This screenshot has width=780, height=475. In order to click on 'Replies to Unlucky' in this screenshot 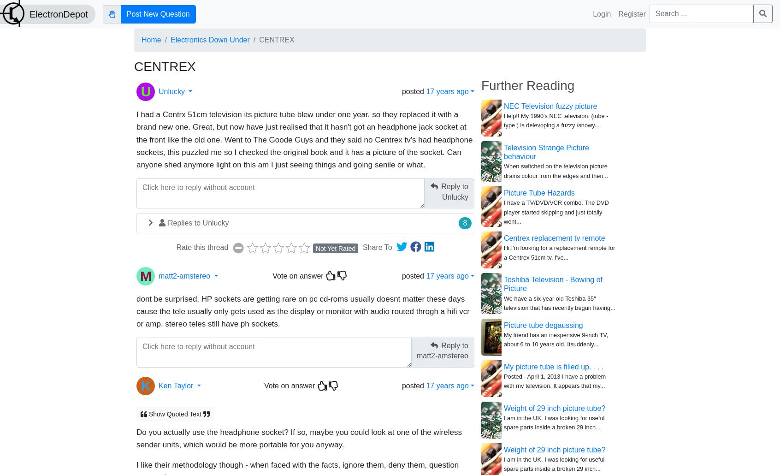, I will do `click(167, 222)`.